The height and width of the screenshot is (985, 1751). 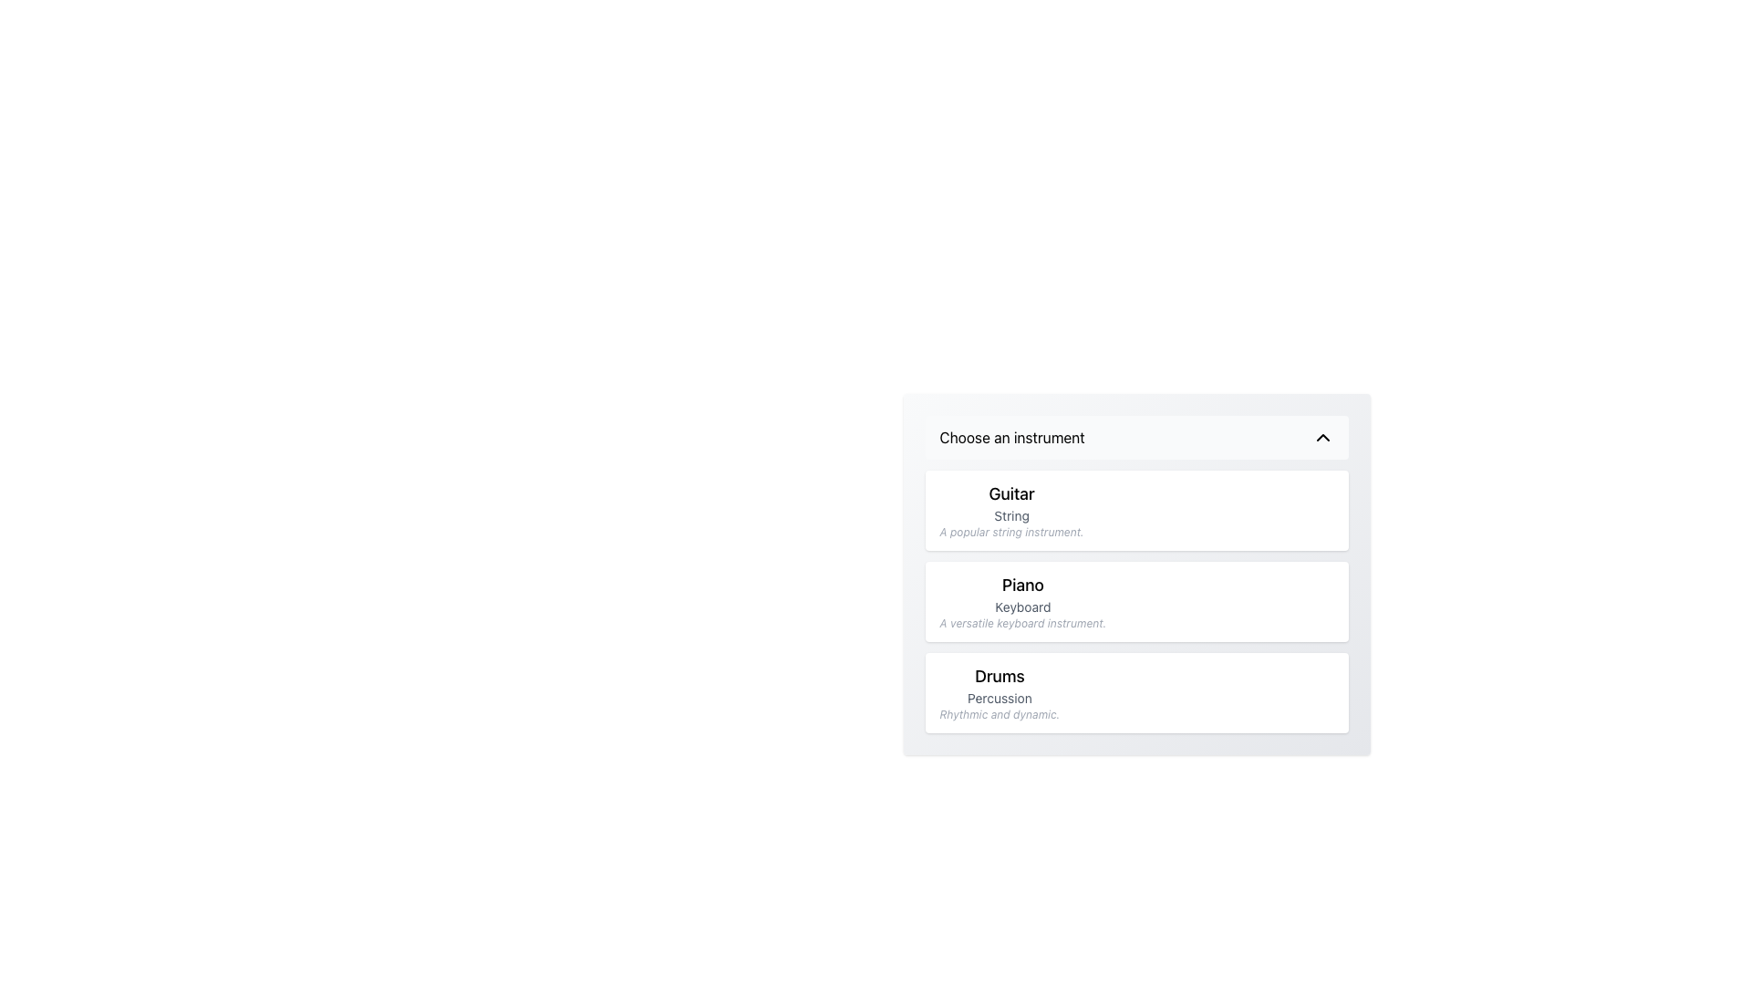 I want to click on the informational text label related to the title 'Piano', which is positioned below the title and above the italicized description, so click(x=1022, y=607).